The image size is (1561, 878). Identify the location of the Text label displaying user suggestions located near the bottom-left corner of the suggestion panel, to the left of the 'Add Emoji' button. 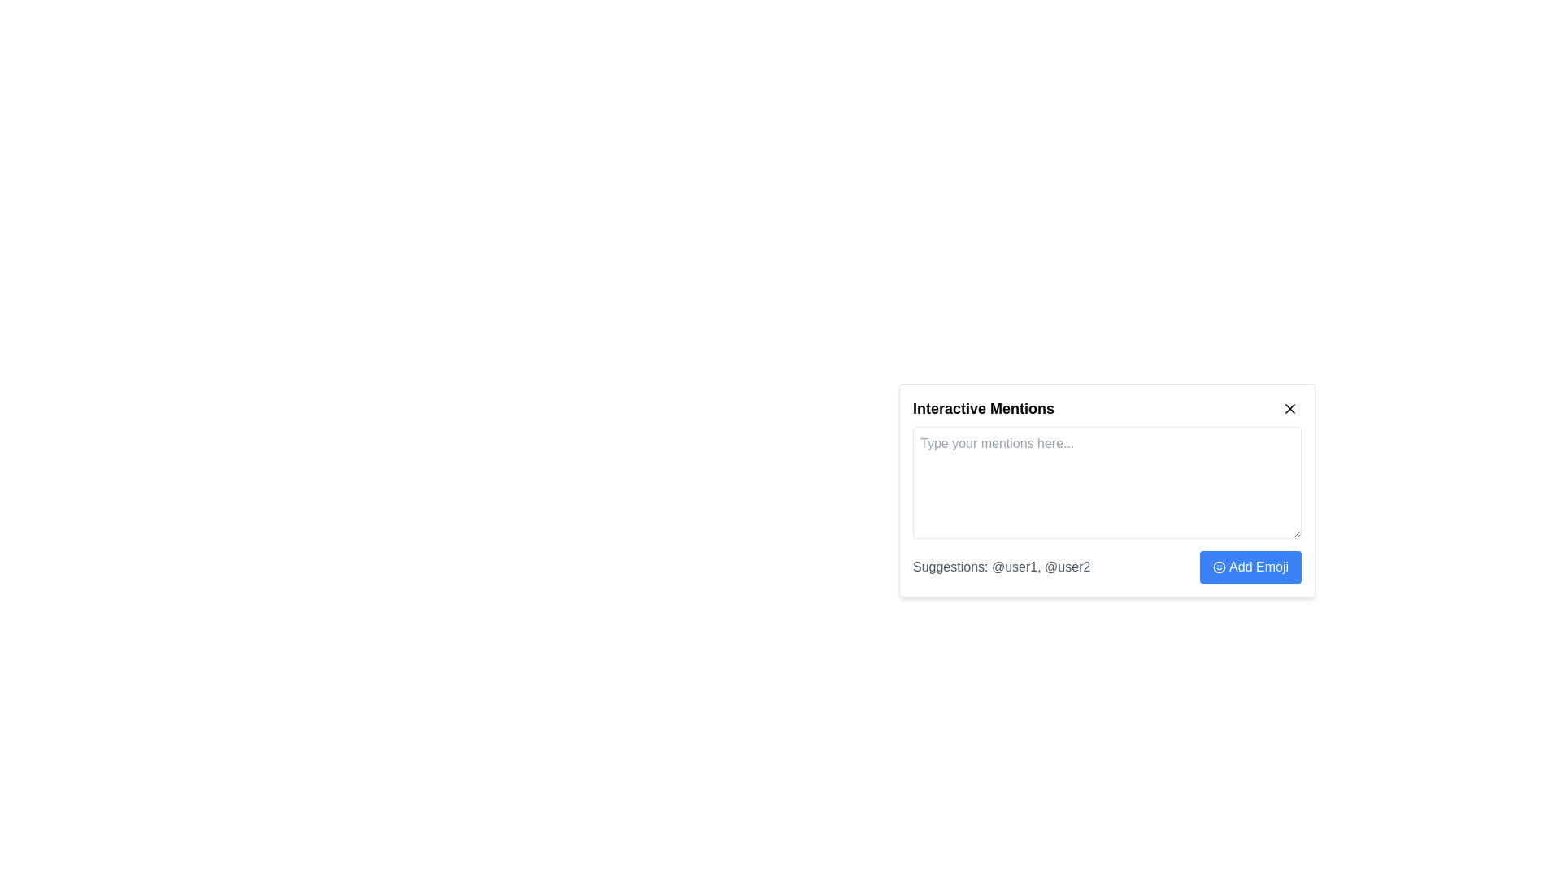
(1001, 567).